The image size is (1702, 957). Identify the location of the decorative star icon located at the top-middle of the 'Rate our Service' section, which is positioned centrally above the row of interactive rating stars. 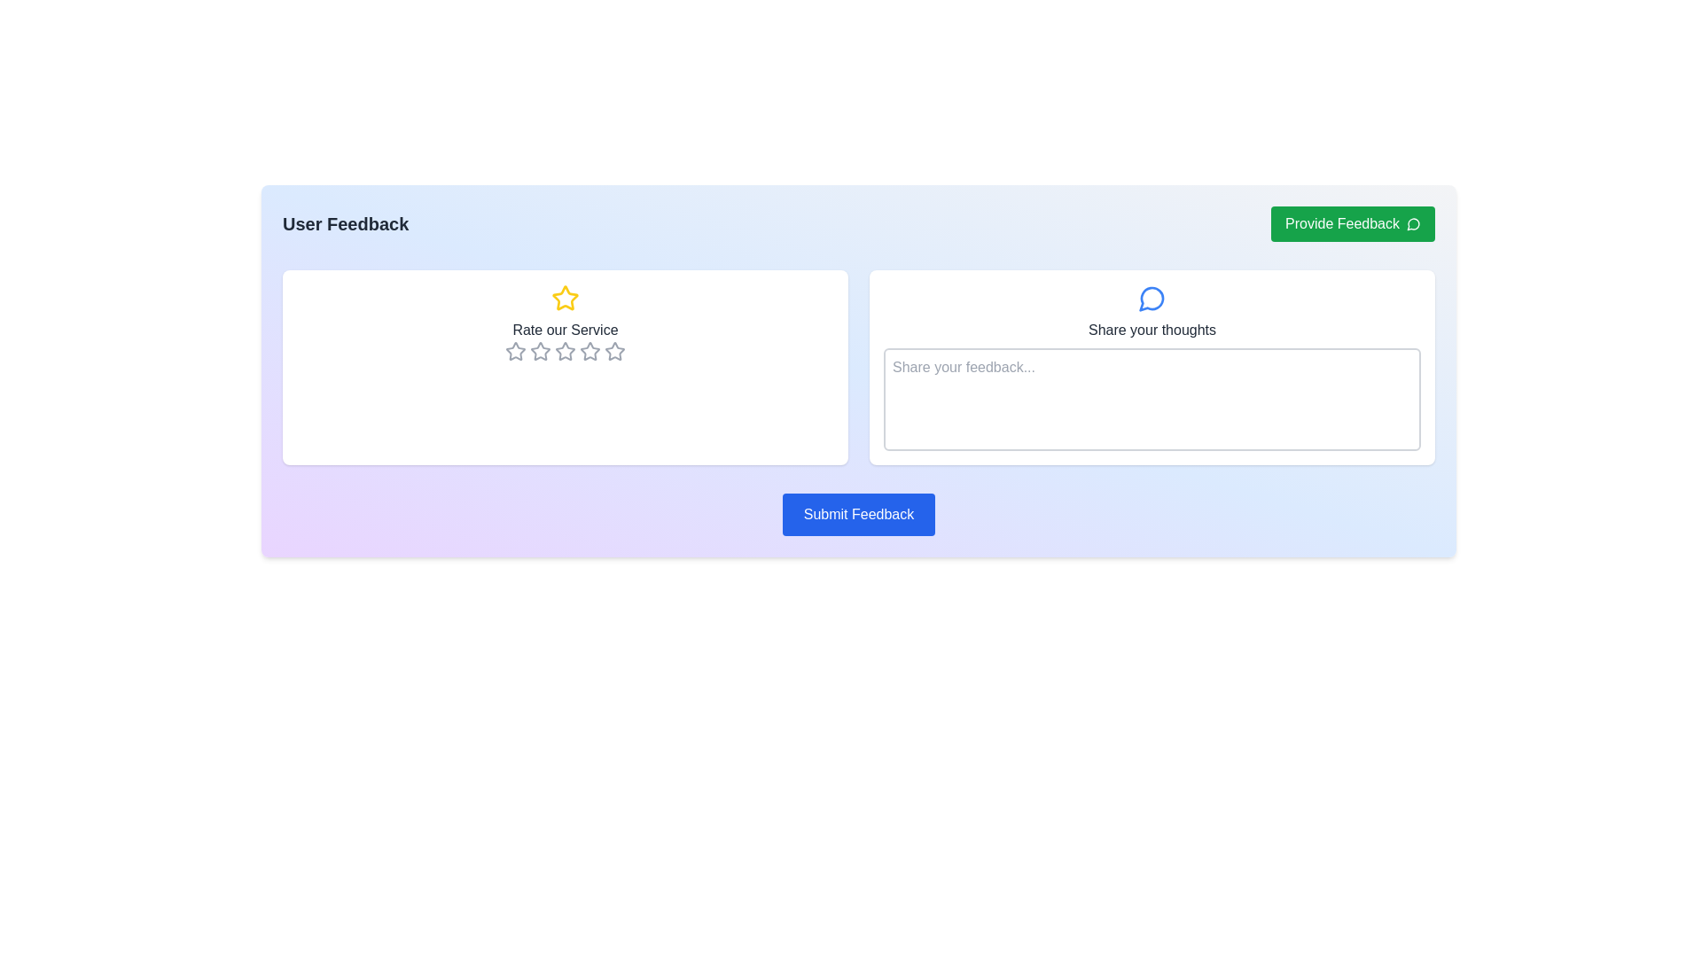
(565, 297).